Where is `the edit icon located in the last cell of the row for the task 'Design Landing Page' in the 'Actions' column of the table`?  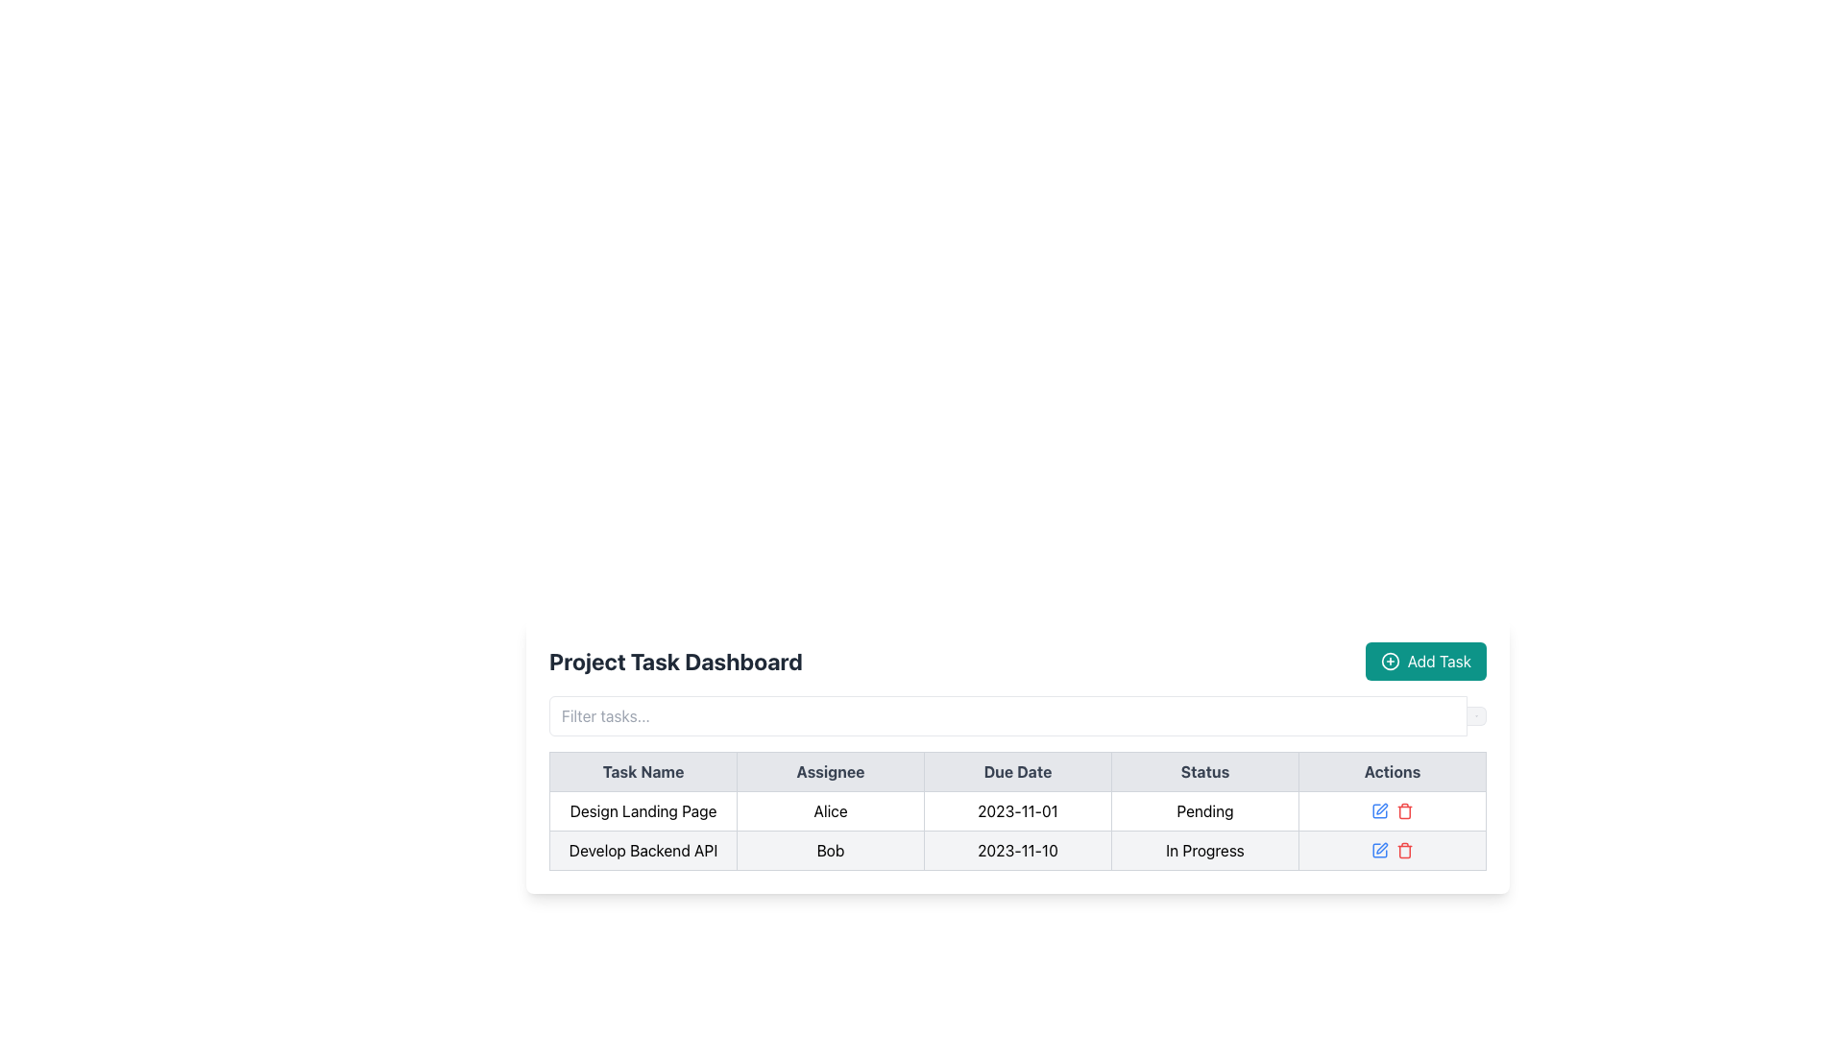 the edit icon located in the last cell of the row for the task 'Design Landing Page' in the 'Actions' column of the table is located at coordinates (1392, 810).